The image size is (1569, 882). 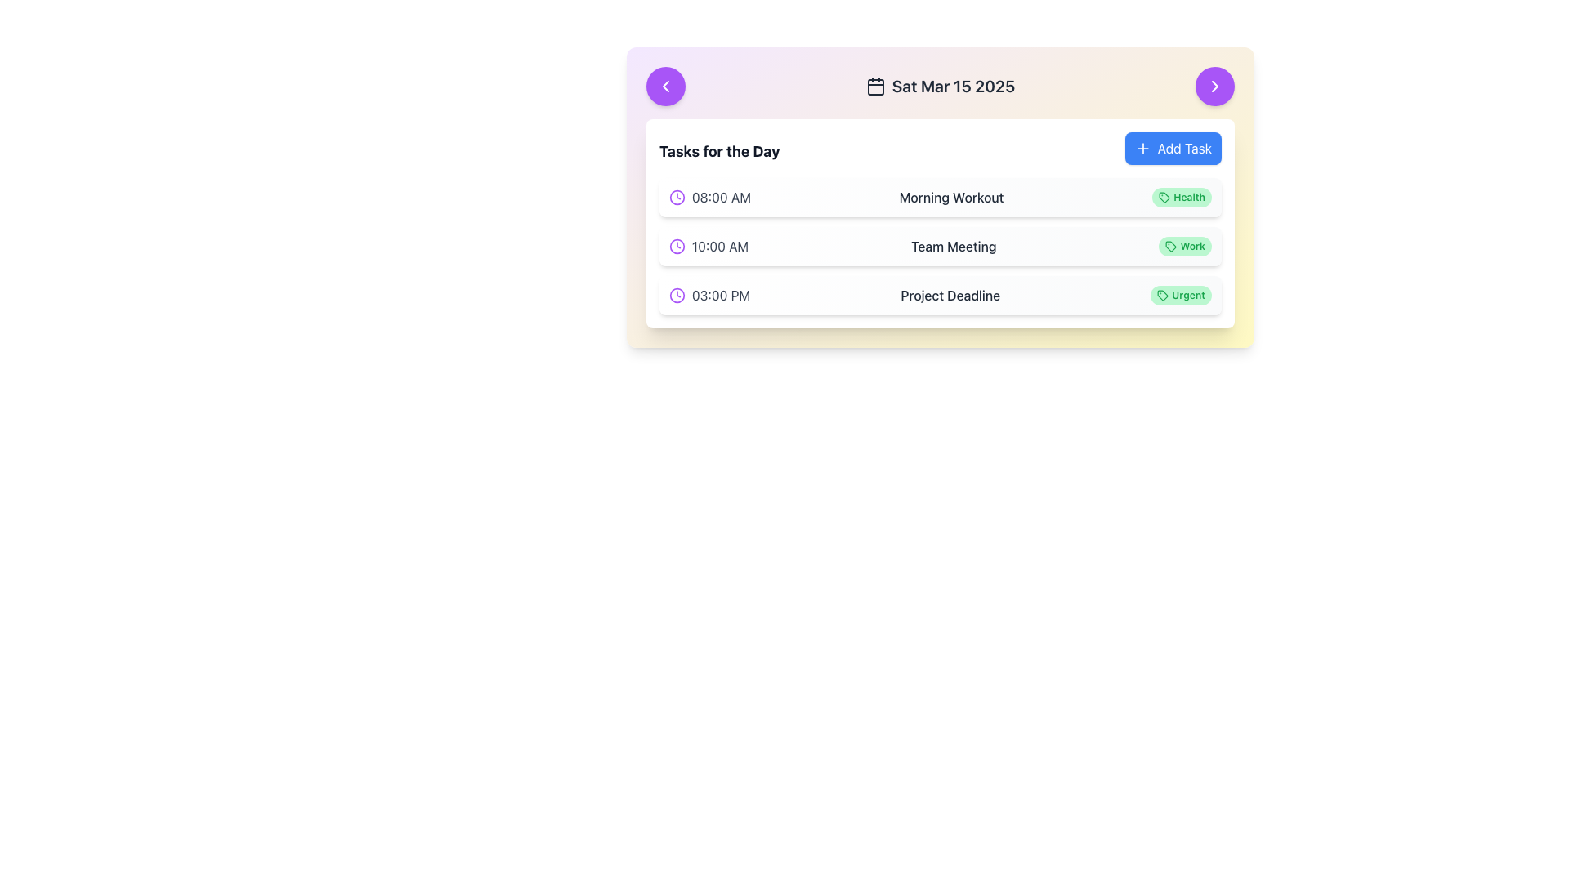 What do you see at coordinates (1162, 296) in the screenshot?
I see `the icon representing the category or label located in the 'Tasks for the Day' interface, rightward from the text 'Urgent,' corresponding to the third item's label in the task list` at bounding box center [1162, 296].